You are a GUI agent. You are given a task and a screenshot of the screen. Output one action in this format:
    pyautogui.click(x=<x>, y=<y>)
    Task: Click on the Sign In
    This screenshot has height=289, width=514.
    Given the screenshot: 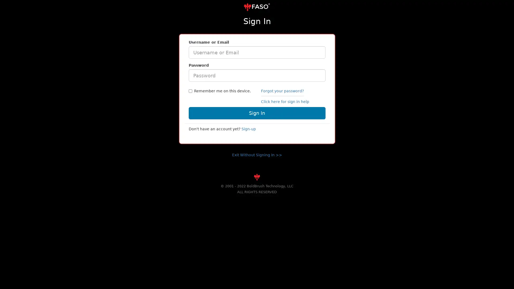 What is the action you would take?
    pyautogui.click(x=256, y=113)
    